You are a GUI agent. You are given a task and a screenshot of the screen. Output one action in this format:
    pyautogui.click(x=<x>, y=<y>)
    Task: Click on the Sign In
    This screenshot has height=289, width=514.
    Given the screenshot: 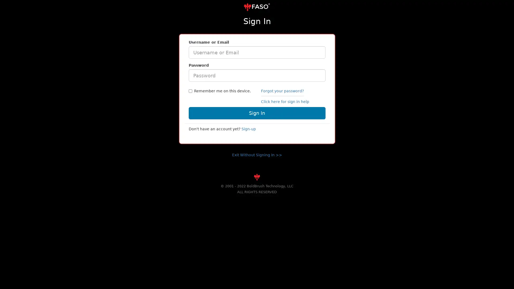 What is the action you would take?
    pyautogui.click(x=256, y=113)
    